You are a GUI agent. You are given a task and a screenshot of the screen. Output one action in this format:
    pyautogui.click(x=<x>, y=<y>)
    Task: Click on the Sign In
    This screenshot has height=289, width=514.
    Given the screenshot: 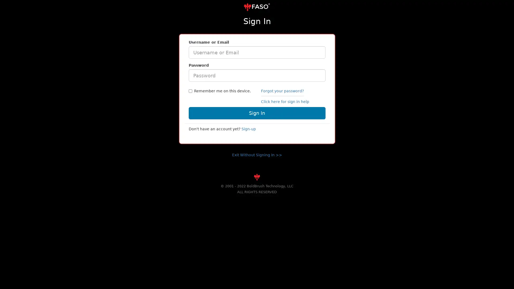 What is the action you would take?
    pyautogui.click(x=256, y=113)
    